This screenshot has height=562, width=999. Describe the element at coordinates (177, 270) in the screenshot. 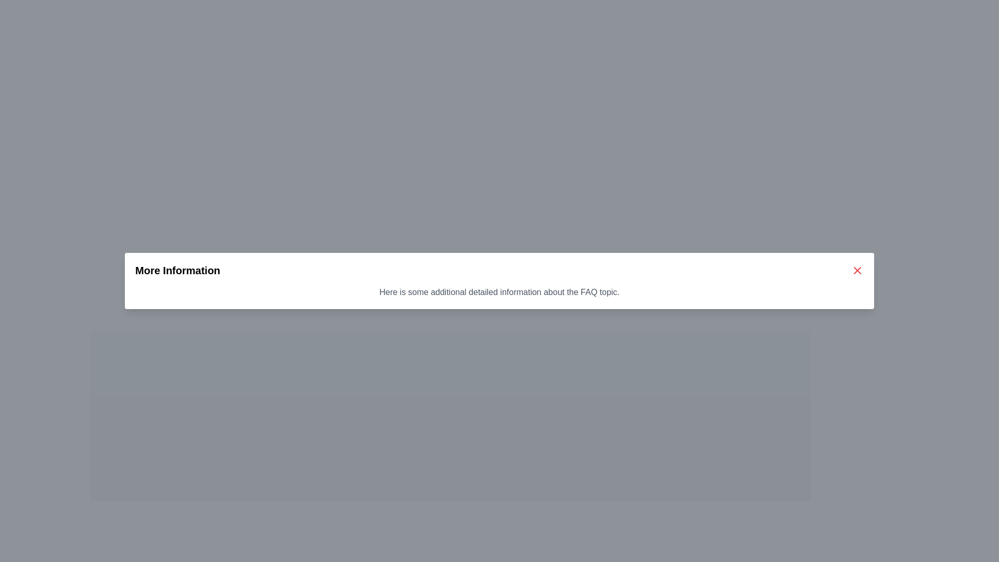

I see `the static text header that indicates the content or functionality of the associated interface section, located on the left side of the horizontal layout` at that location.